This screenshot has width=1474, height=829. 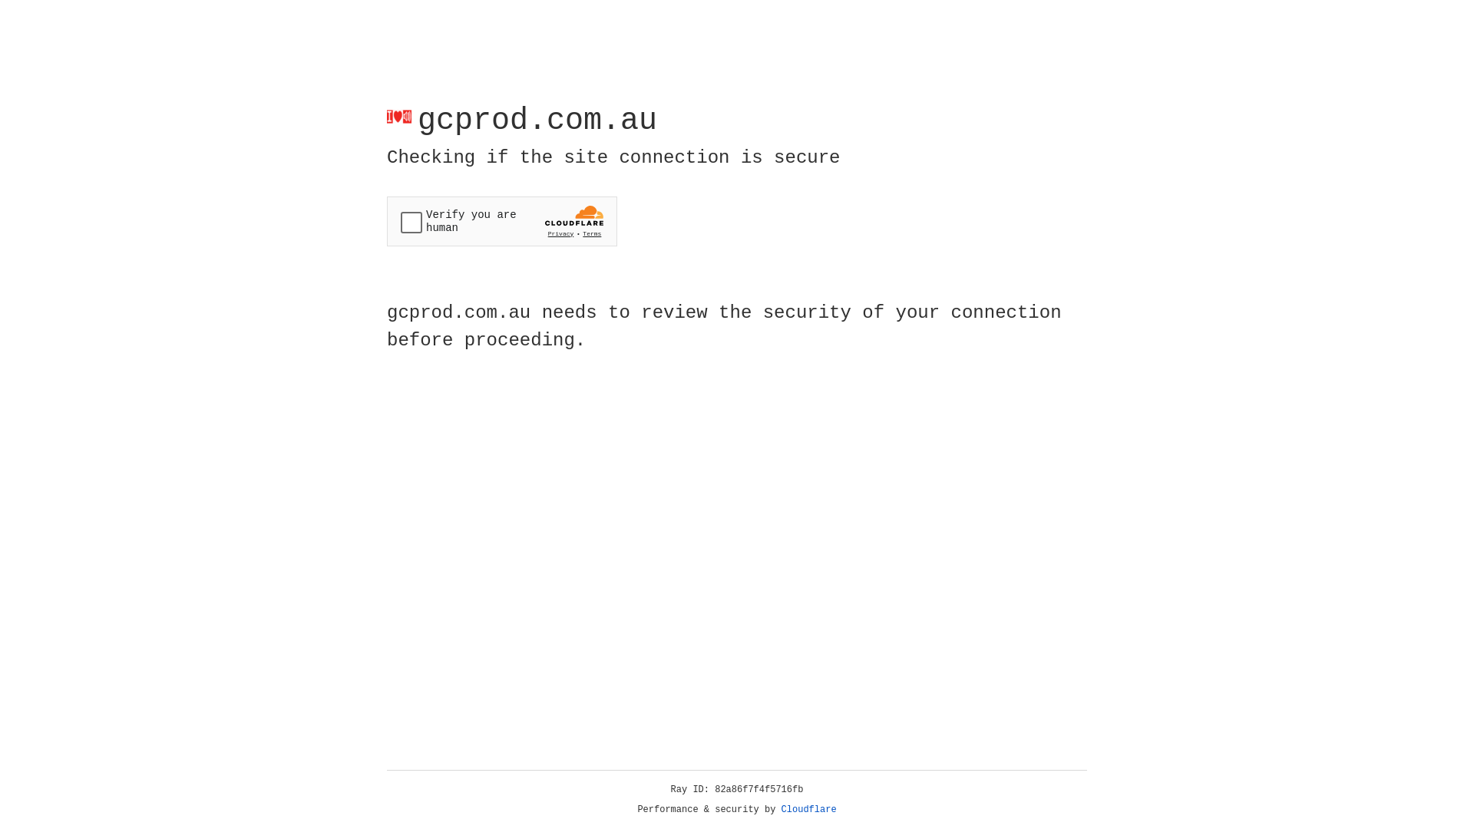 I want to click on 'Cloudflare', so click(x=781, y=809).